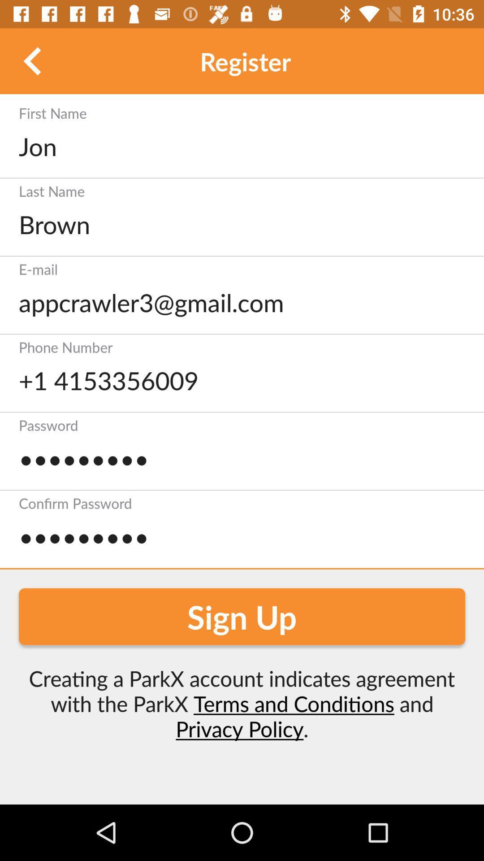 The image size is (484, 861). What do you see at coordinates (32, 61) in the screenshot?
I see `back ward` at bounding box center [32, 61].